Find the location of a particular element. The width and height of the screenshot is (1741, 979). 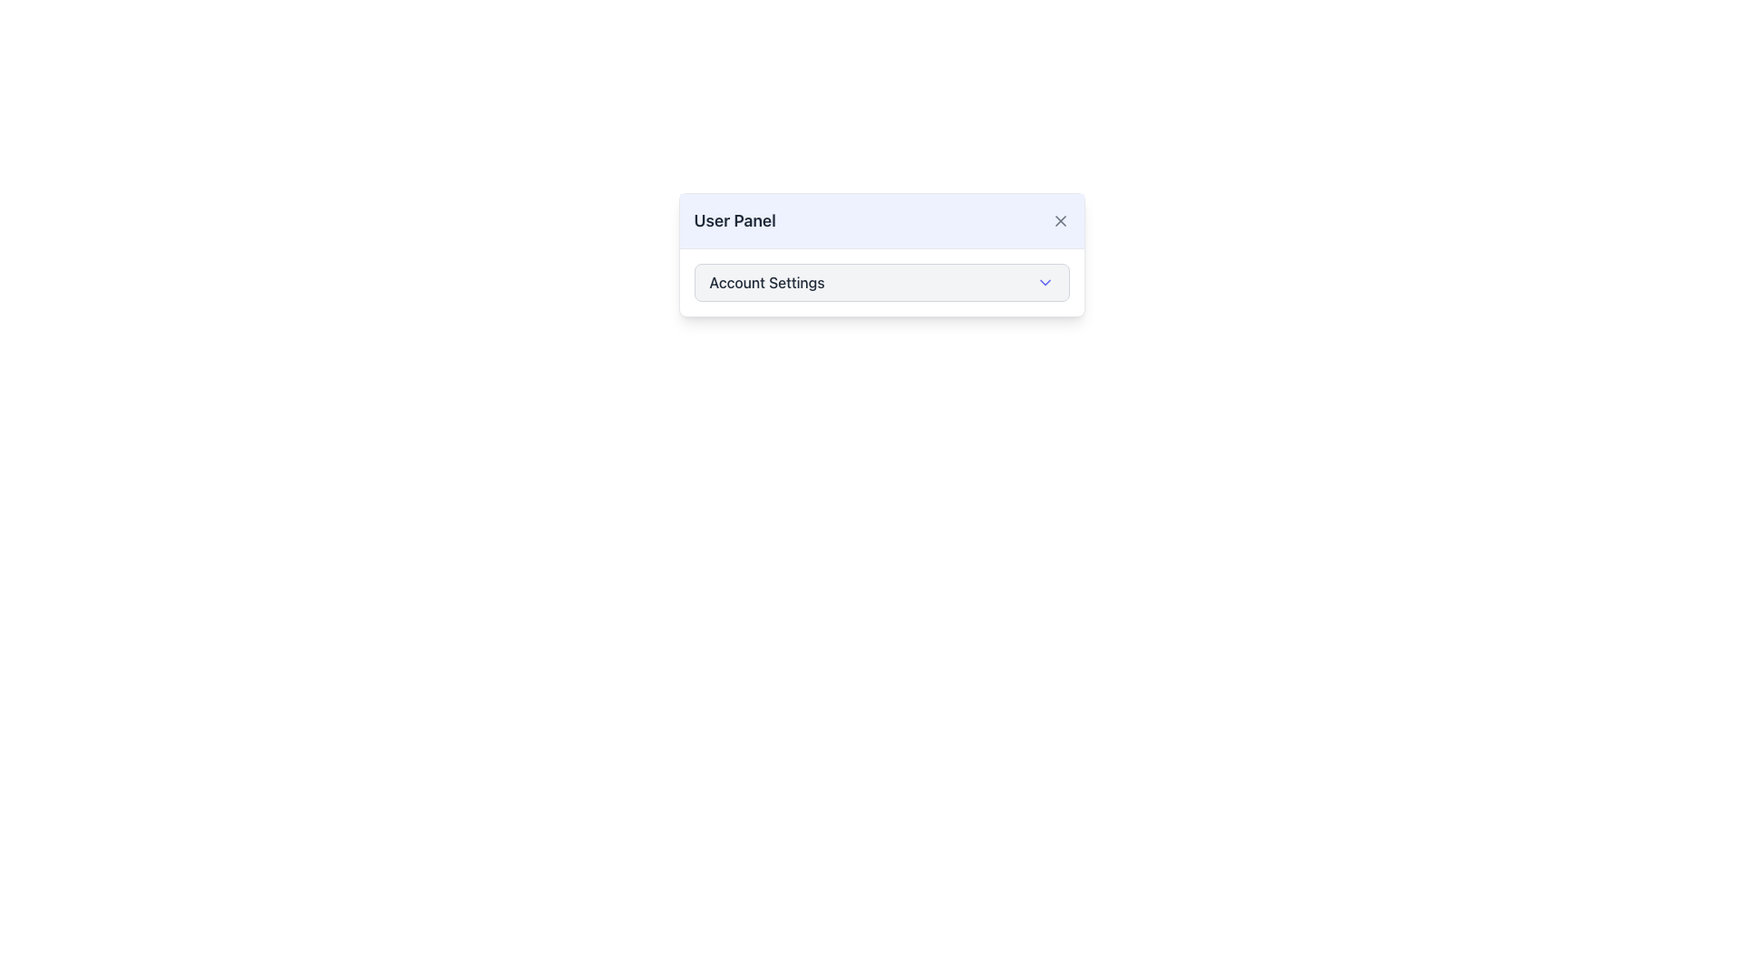

the 'User Panel' text label, which is prominently displayed in large, bold, dark-gray font at the top-left section of the light blue-gray header bar is located at coordinates (734, 219).